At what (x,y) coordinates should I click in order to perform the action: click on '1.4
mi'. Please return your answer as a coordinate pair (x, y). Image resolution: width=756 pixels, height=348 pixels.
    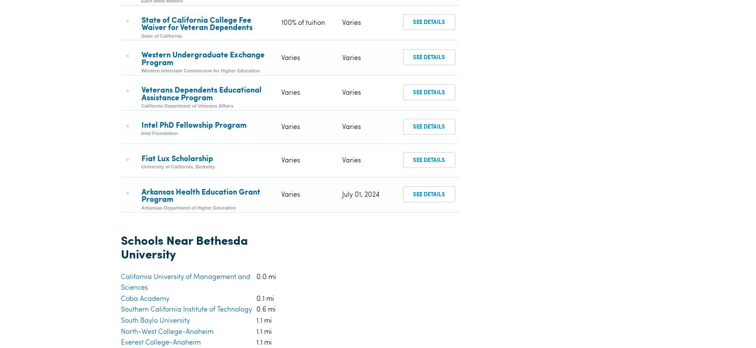
    Looking at the image, I should click on (256, 179).